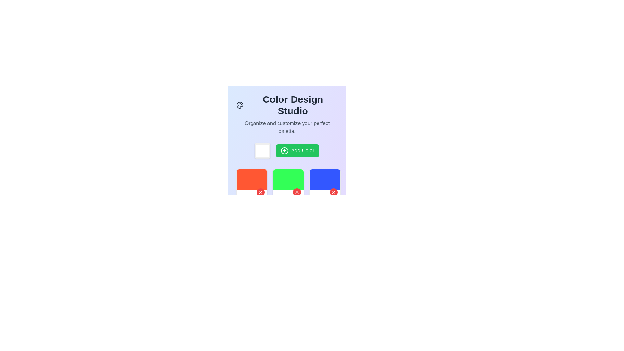 The height and width of the screenshot is (351, 624). What do you see at coordinates (260, 192) in the screenshot?
I see `the 'X' icon within the circular red button located at the bottom-right corner of the red square tile` at bounding box center [260, 192].